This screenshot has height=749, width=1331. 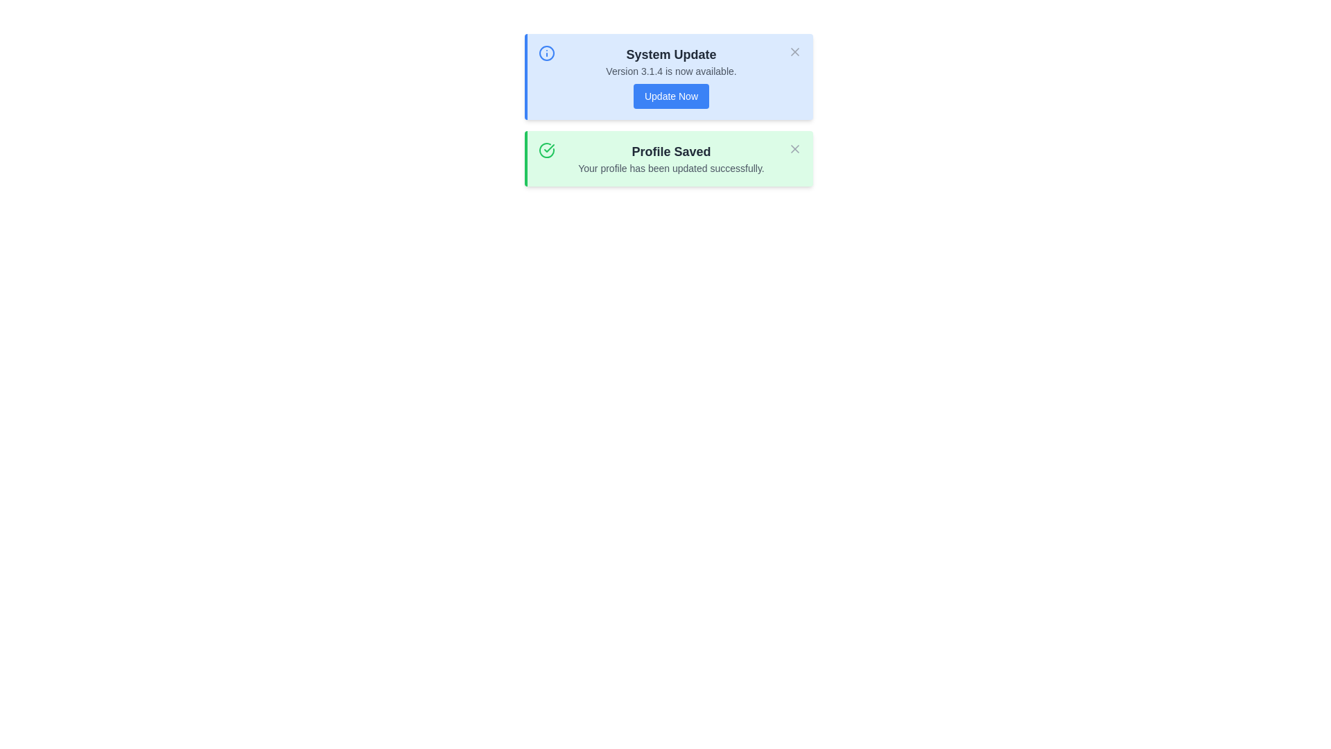 I want to click on the static text label that confirms the user's profile has been successfully updated, located under the heading 'Profile Saved.', so click(x=671, y=168).